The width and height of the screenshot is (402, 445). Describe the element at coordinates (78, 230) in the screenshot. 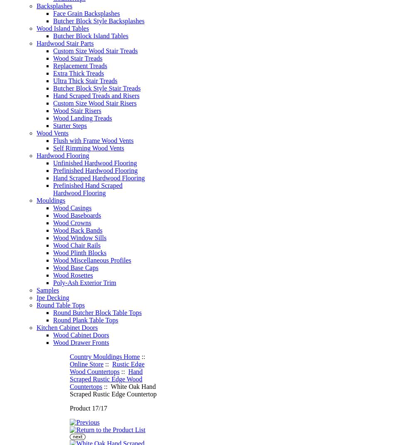

I see `'Wood Back Bands'` at that location.